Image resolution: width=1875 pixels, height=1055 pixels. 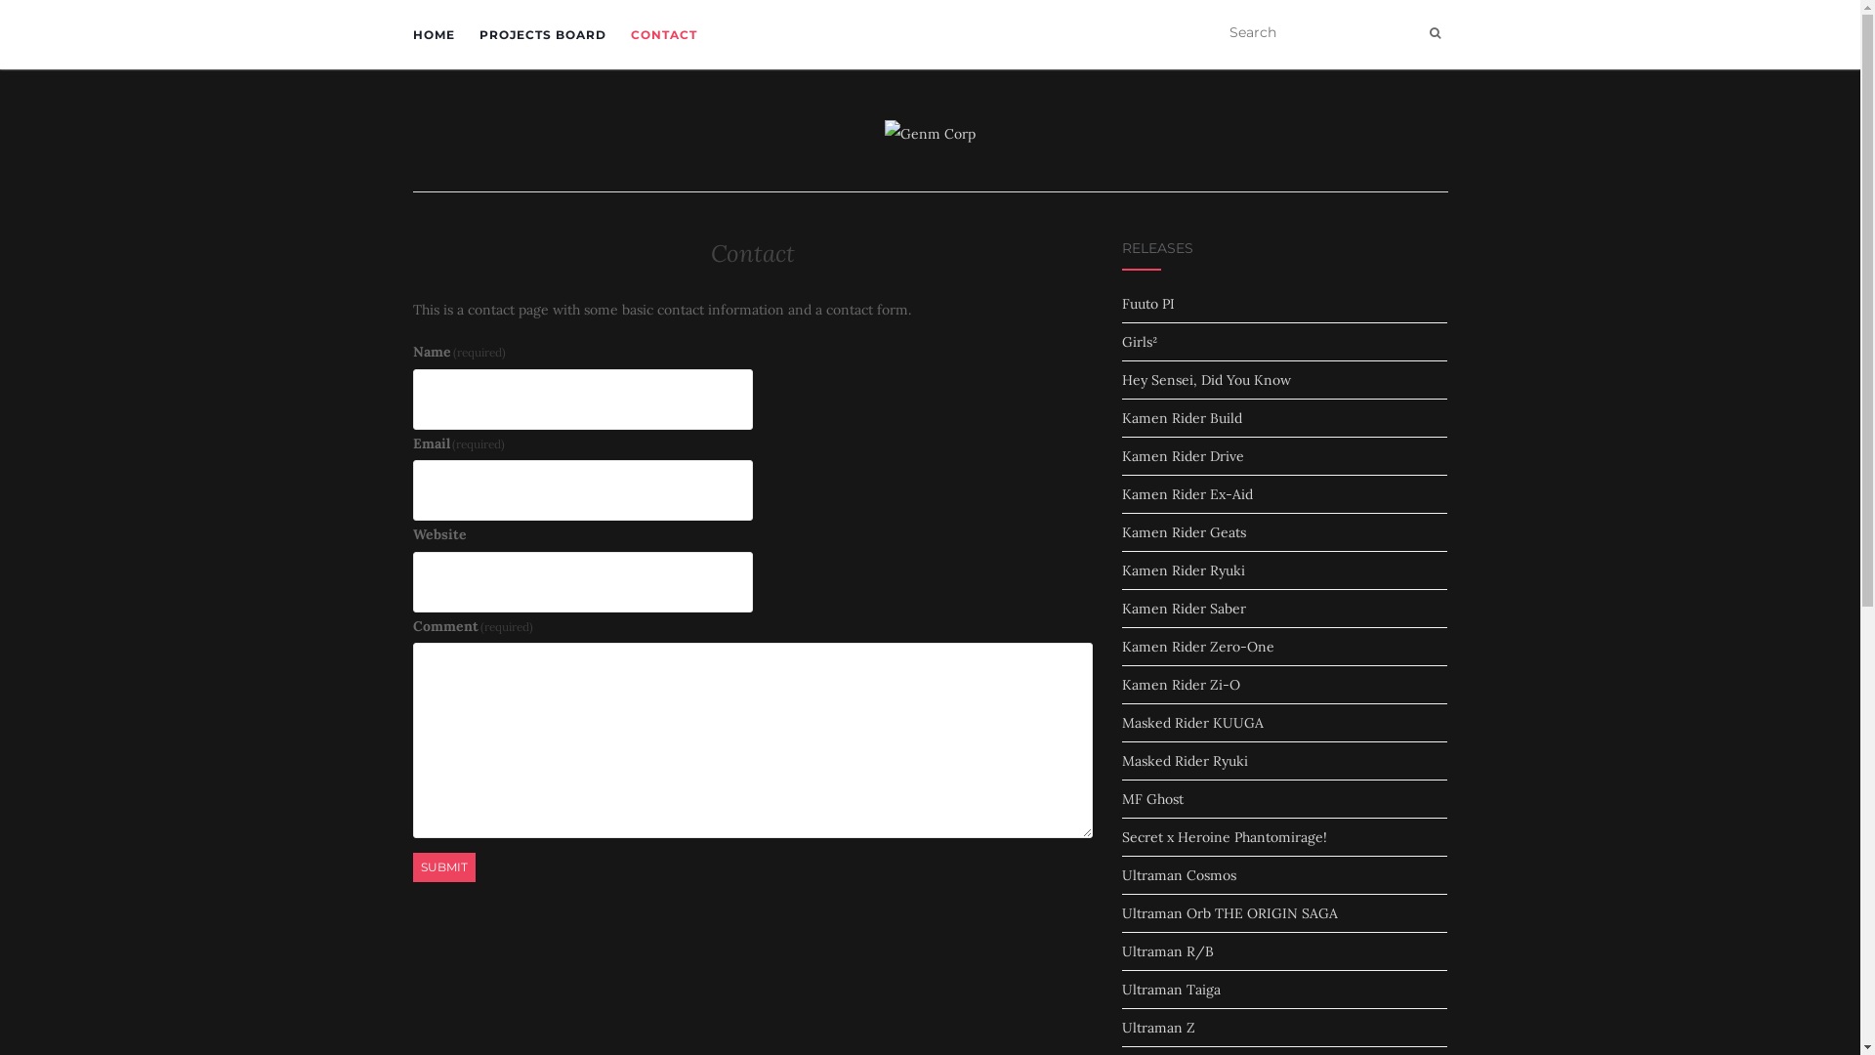 I want to click on 'HOME', so click(x=432, y=34).